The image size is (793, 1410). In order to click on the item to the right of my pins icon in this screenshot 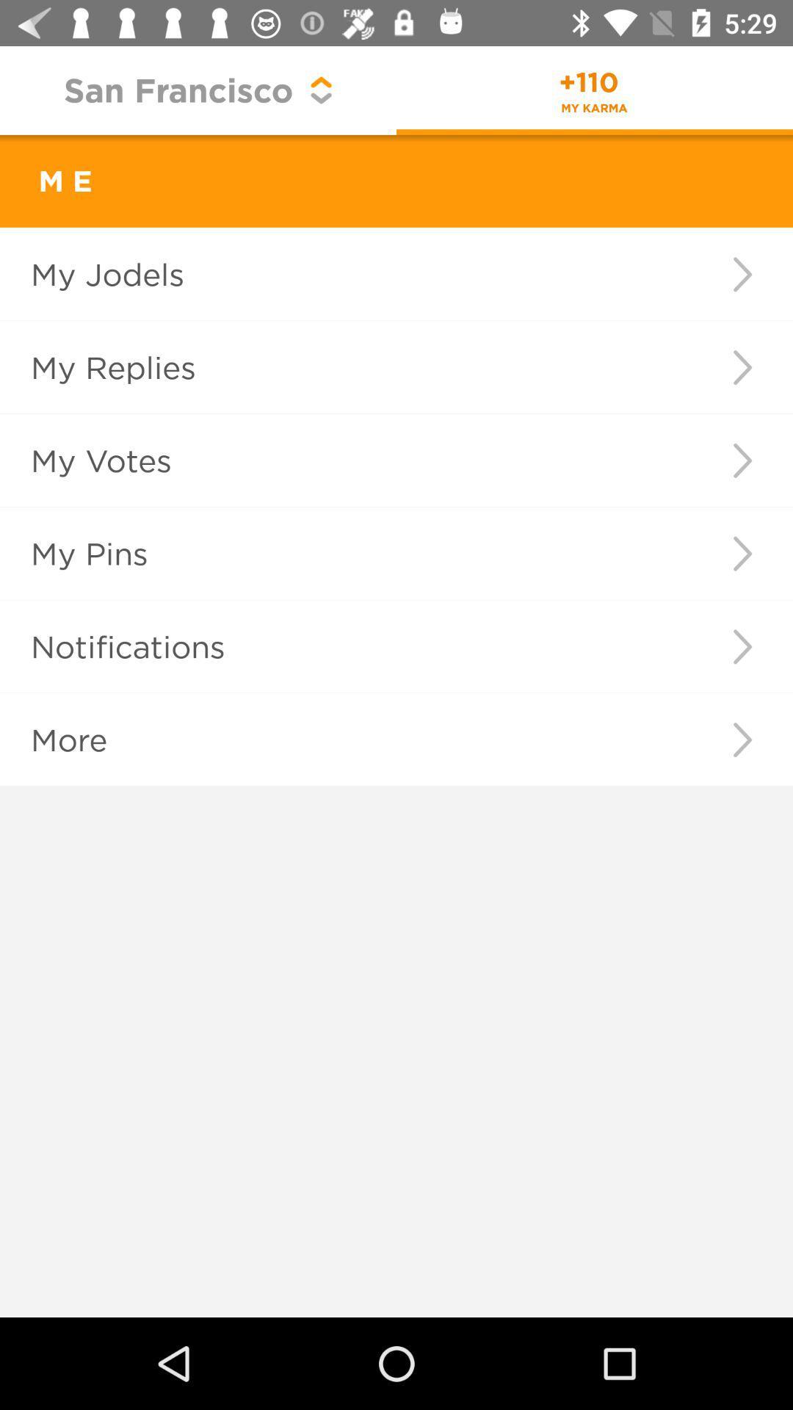, I will do `click(742, 552)`.